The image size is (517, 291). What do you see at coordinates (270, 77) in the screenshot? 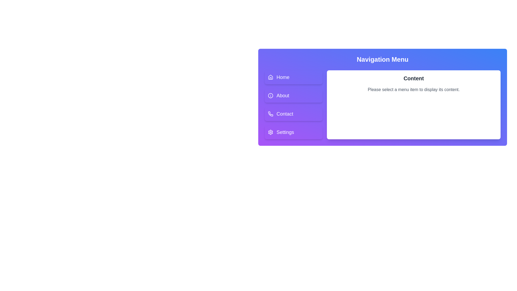
I see `the 'Home' icon in the vertical navigation menu, positioned at the top and far-left side, to enhance user understanding of the navigation option` at bounding box center [270, 77].